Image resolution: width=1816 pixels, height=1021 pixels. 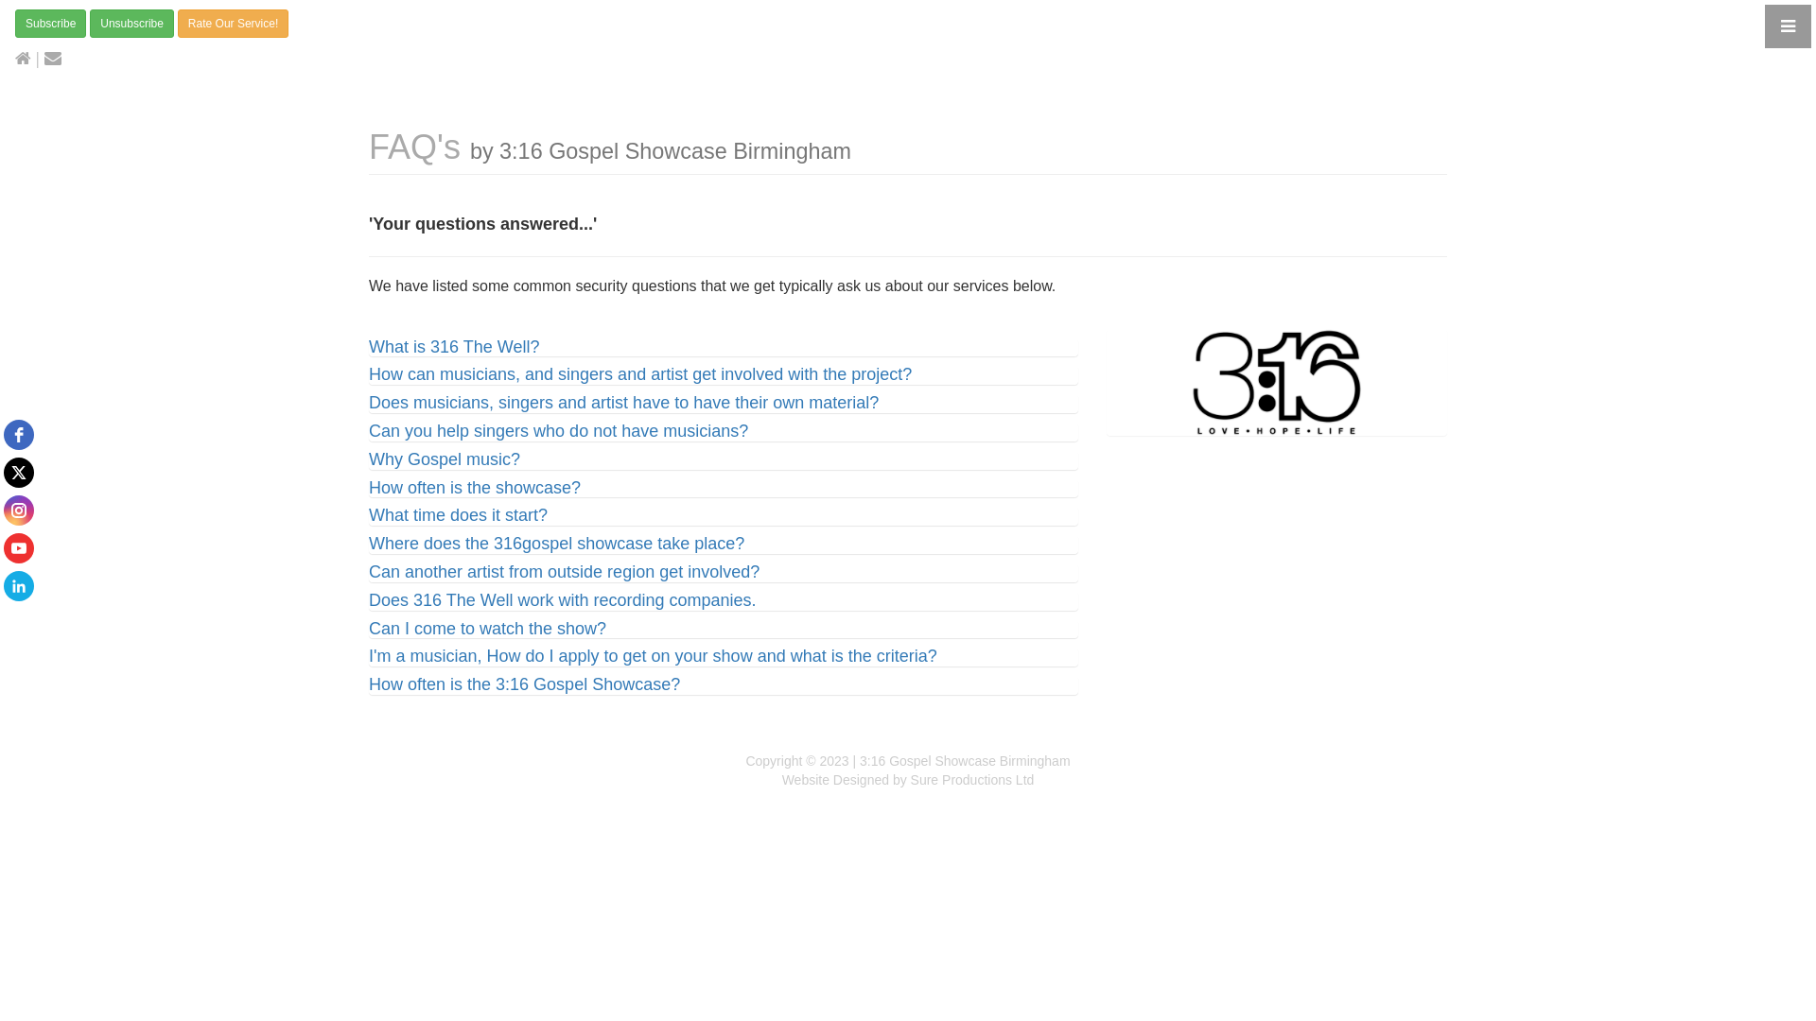 What do you see at coordinates (562, 600) in the screenshot?
I see `'Does 316 The Well work with recording companies.'` at bounding box center [562, 600].